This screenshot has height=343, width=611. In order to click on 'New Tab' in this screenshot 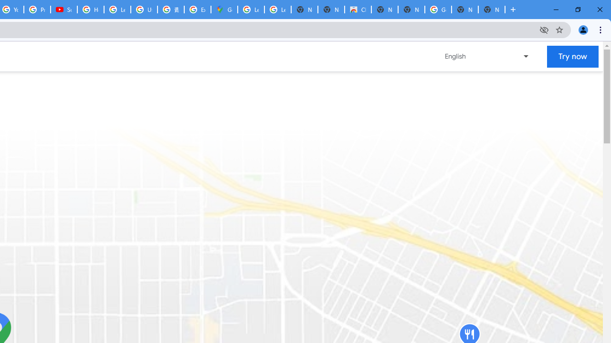, I will do `click(492, 10)`.